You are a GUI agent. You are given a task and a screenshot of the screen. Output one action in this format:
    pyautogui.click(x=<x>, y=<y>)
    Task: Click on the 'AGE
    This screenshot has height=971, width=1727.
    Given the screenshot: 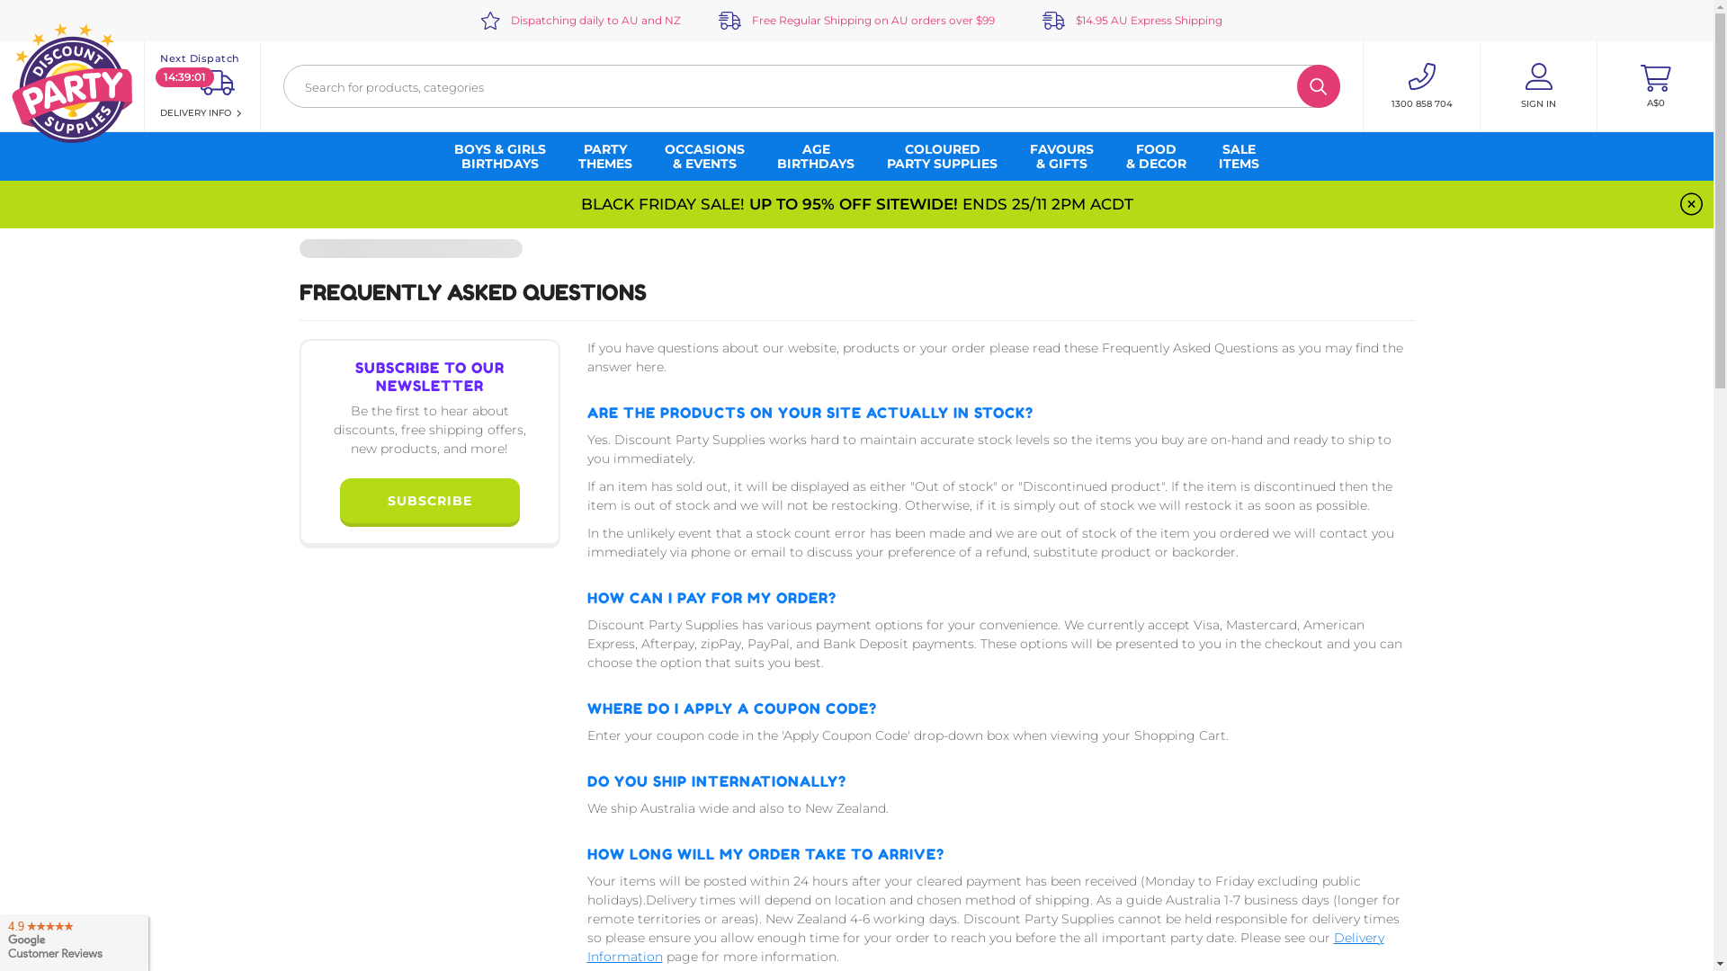 What is the action you would take?
    pyautogui.click(x=815, y=155)
    